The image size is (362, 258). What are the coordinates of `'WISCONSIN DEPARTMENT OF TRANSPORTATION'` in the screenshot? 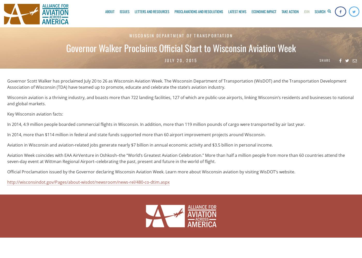 It's located at (129, 36).